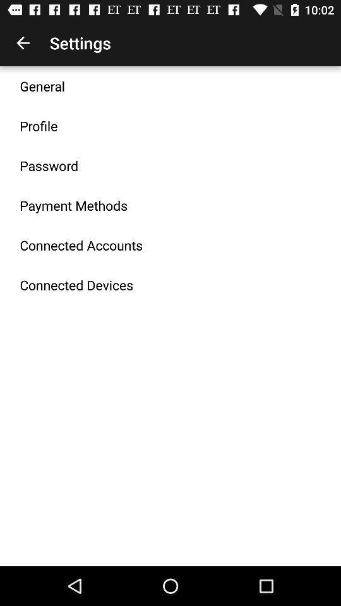  What do you see at coordinates (73, 205) in the screenshot?
I see `the payment methods` at bounding box center [73, 205].